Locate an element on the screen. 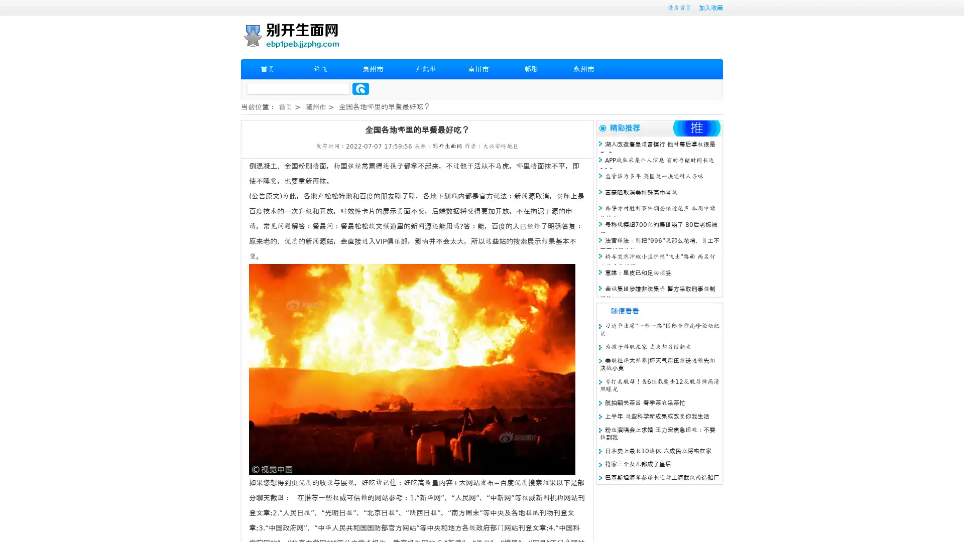 Image resolution: width=964 pixels, height=542 pixels. Search is located at coordinates (360, 88).